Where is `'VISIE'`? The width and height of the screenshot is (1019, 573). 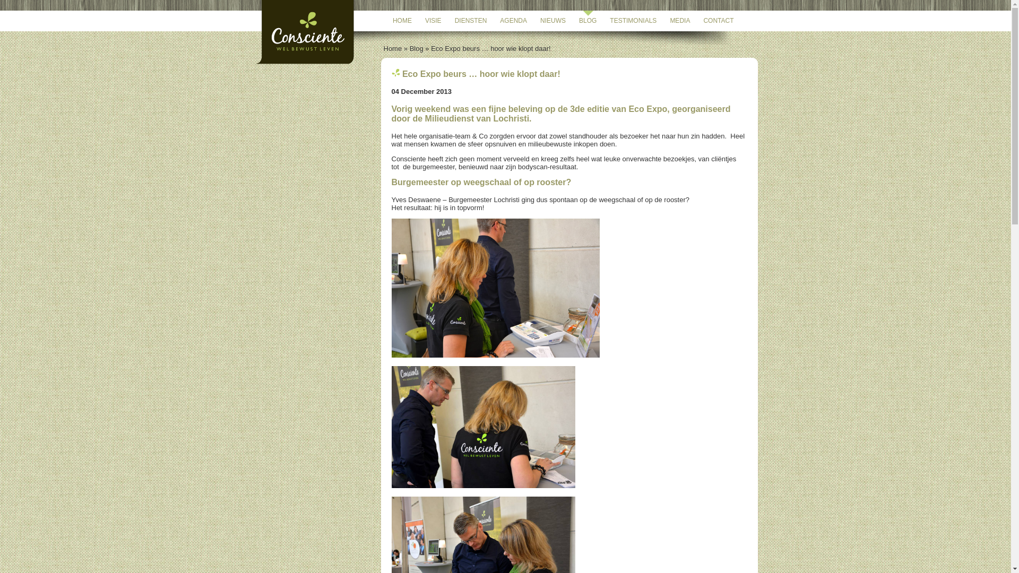
'VISIE' is located at coordinates (433, 21).